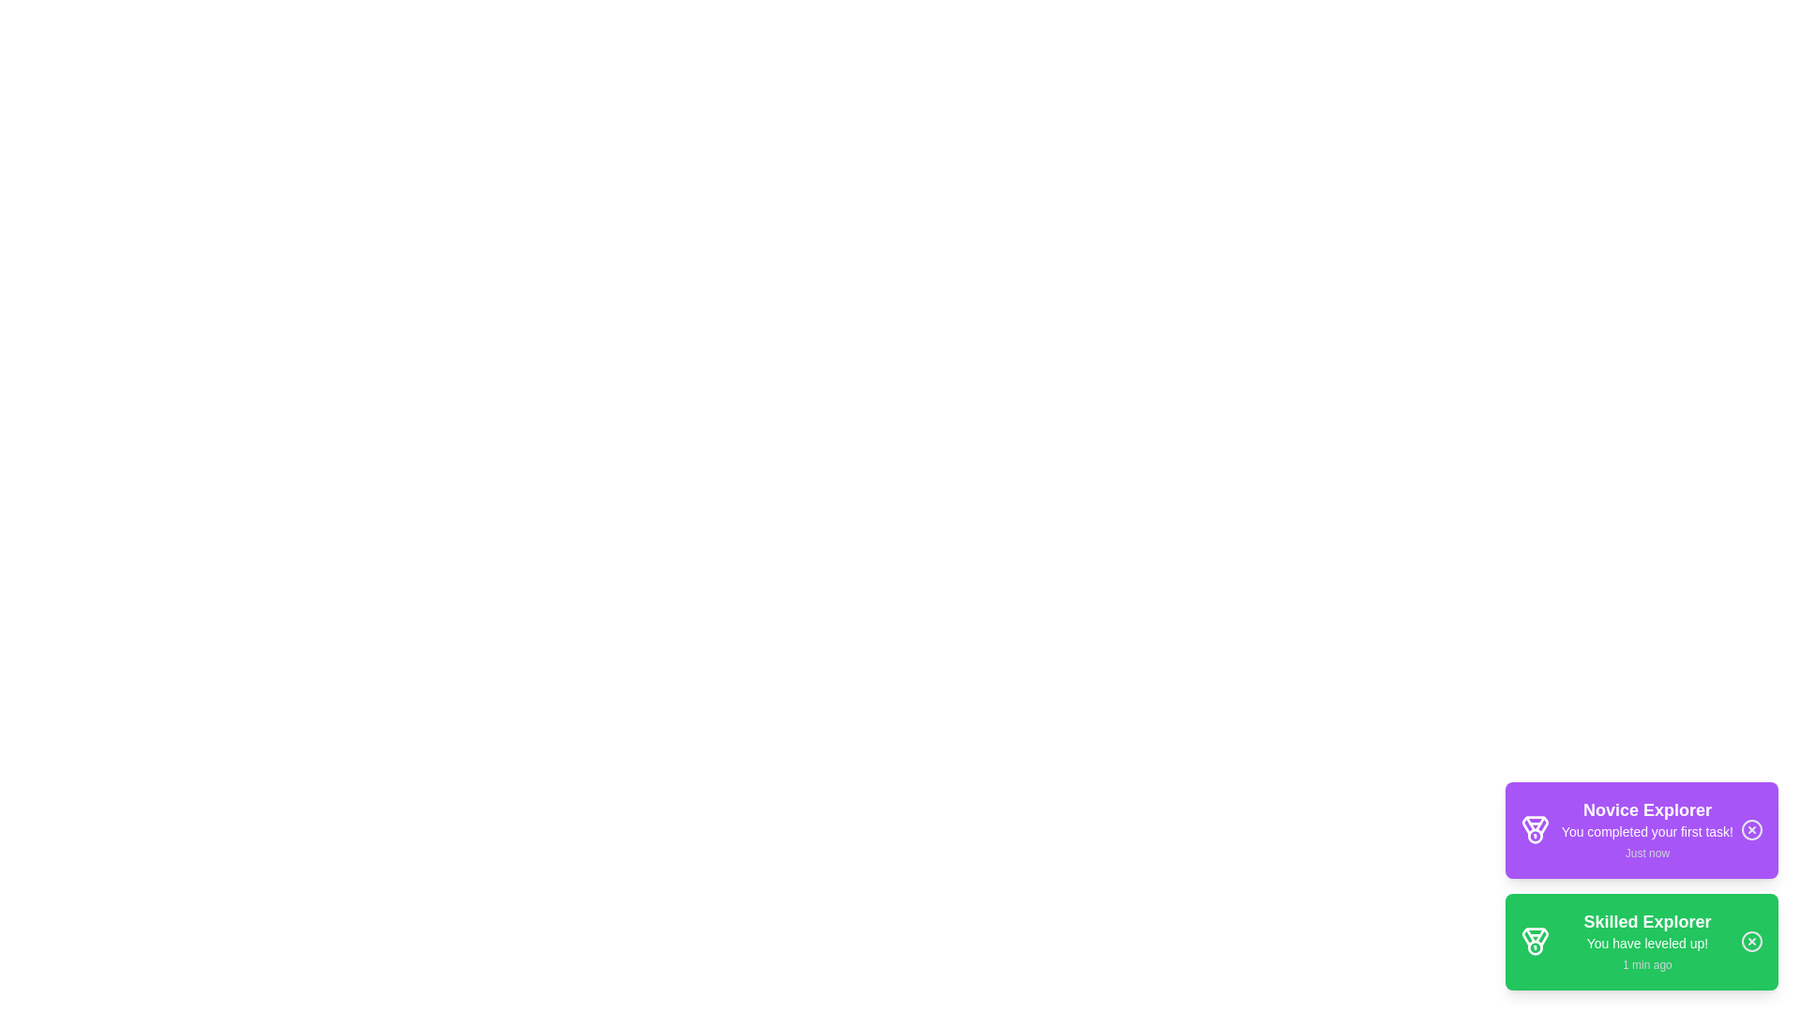 The image size is (1801, 1013). Describe the element at coordinates (1750, 829) in the screenshot. I see `the close button of the notification to dismiss it` at that location.